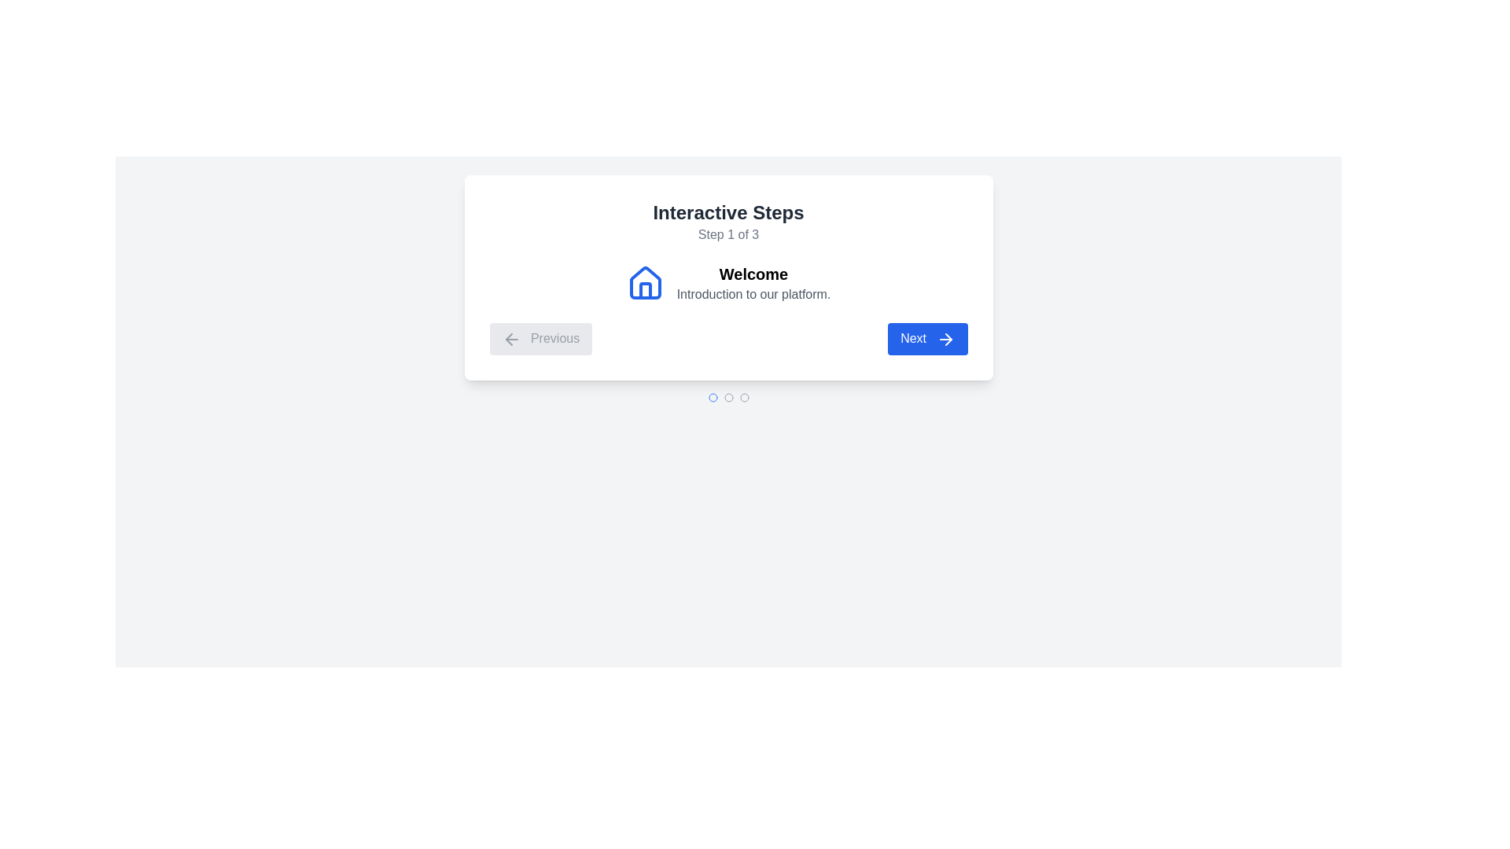 The image size is (1510, 849). Describe the element at coordinates (927, 338) in the screenshot. I see `the 'Proceed' button located at the bottom-right section of the interface` at that location.